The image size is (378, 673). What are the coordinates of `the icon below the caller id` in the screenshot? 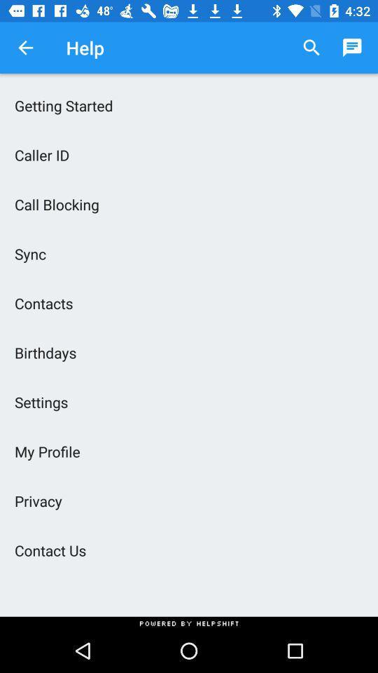 It's located at (189, 203).